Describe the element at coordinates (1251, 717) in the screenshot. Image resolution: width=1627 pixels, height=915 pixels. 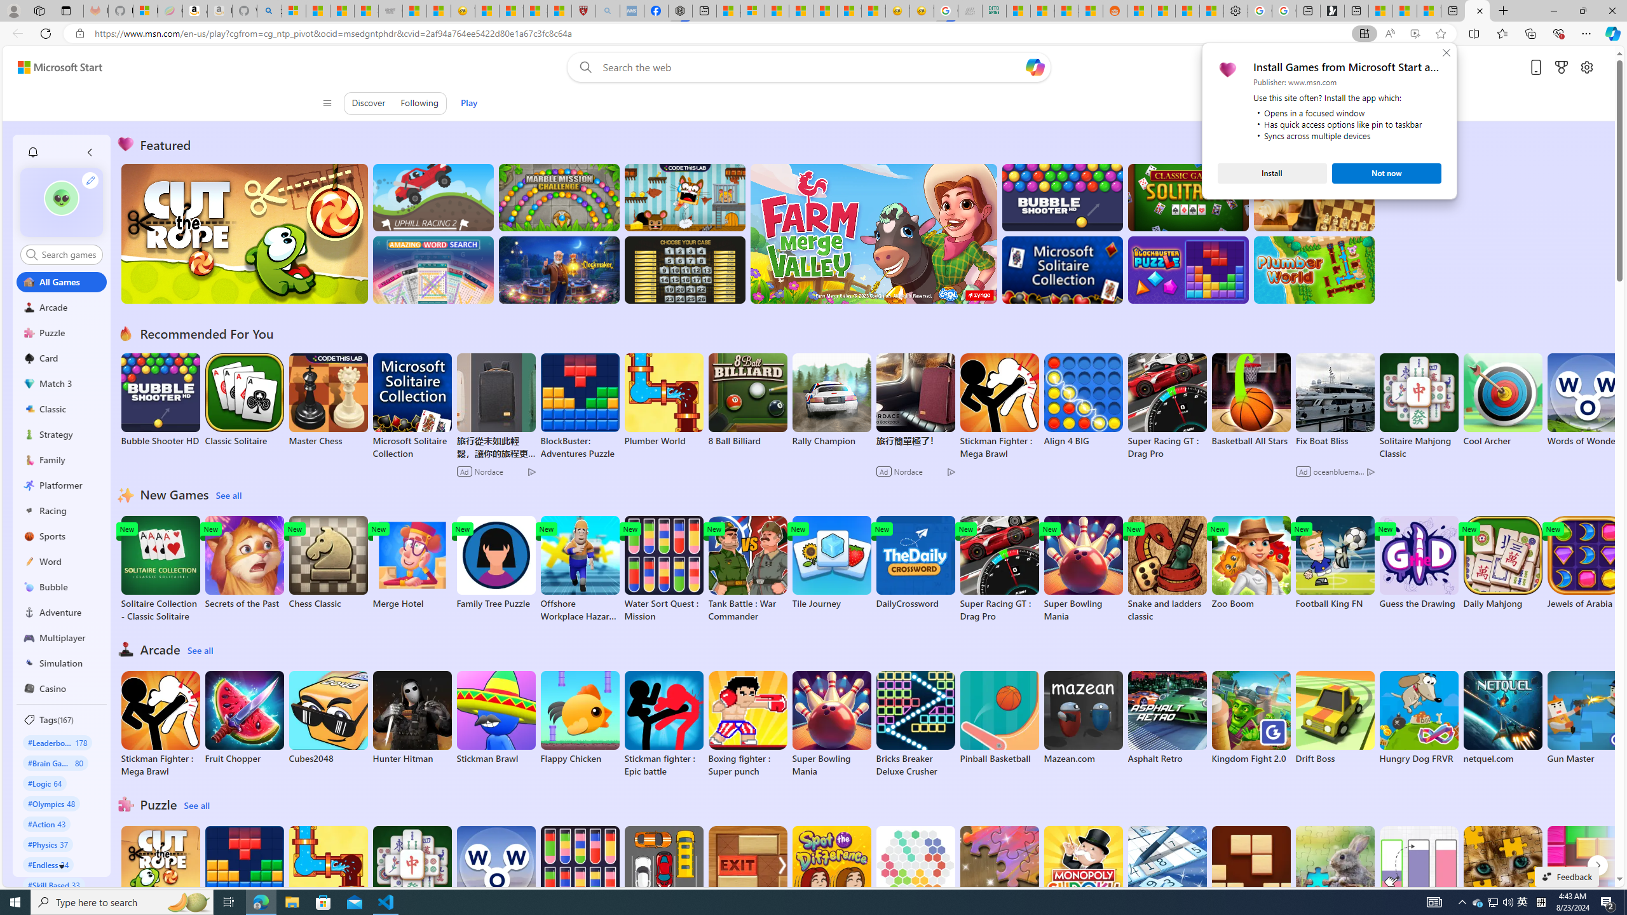
I see `'Kingdom Fight 2.0'` at that location.